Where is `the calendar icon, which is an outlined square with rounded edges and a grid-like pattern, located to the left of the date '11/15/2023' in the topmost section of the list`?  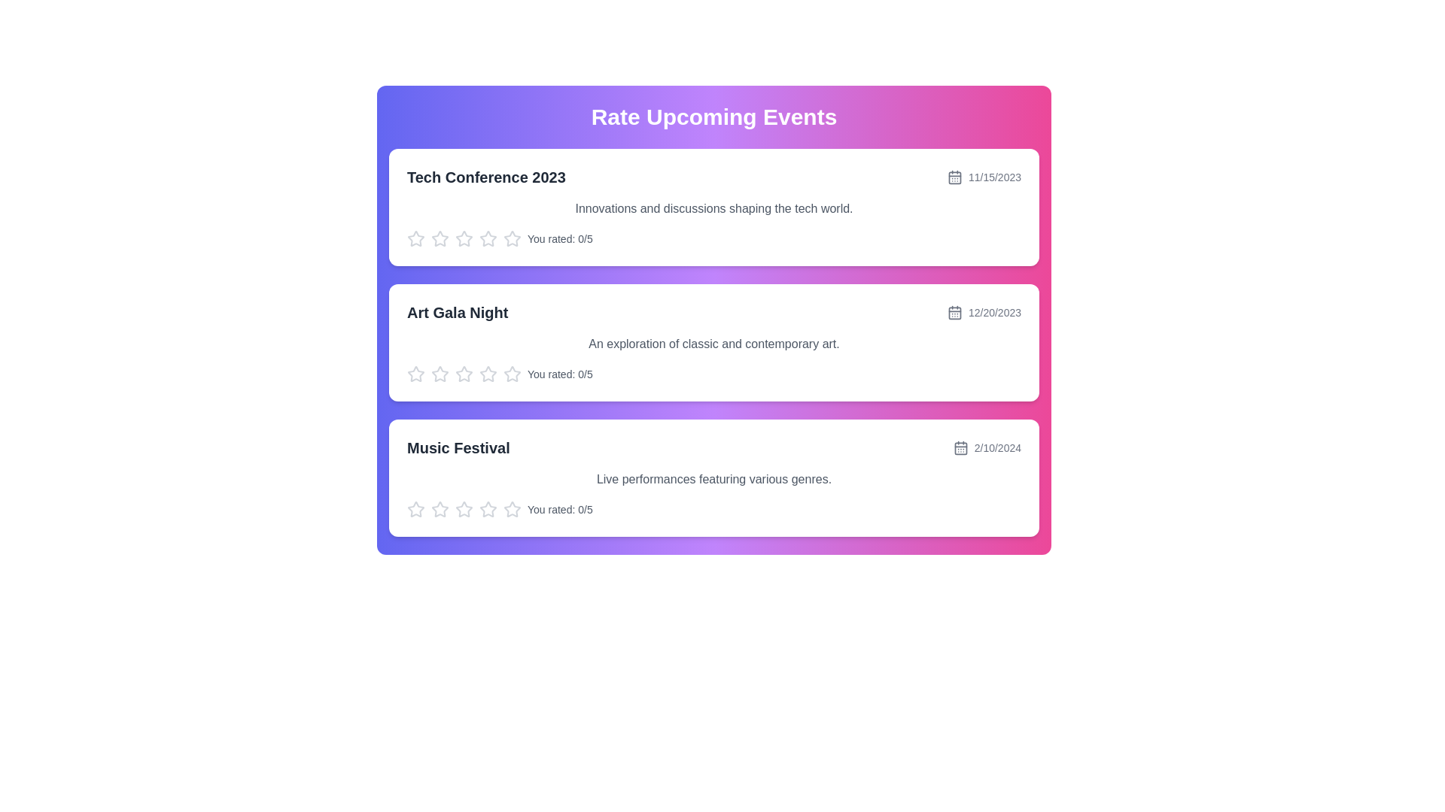 the calendar icon, which is an outlined square with rounded edges and a grid-like pattern, located to the left of the date '11/15/2023' in the topmost section of the list is located at coordinates (954, 176).